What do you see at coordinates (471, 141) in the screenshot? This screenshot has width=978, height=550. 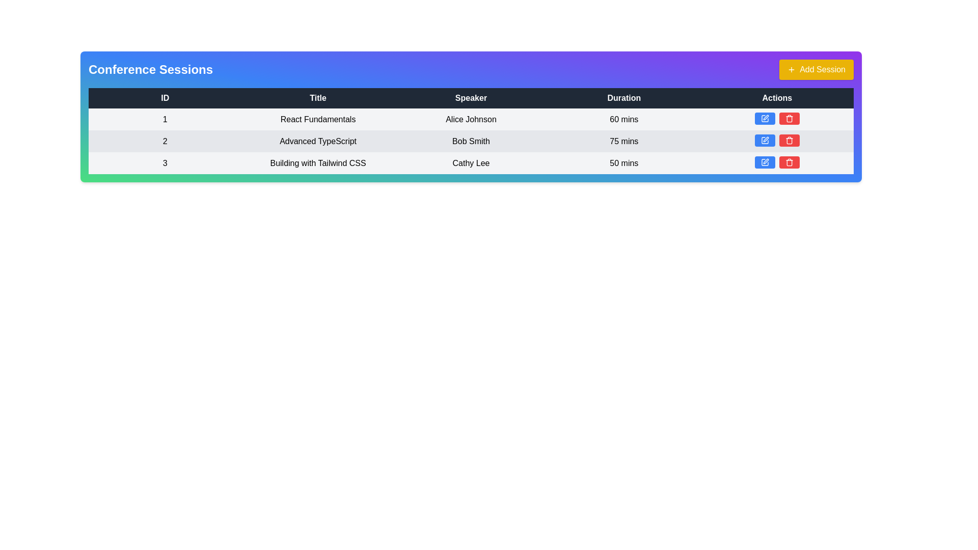 I see `text content of the label displaying 'Bob Smith', which is located in the third column of the second row under the 'Speaker' header in the 'Conference Sessions' table` at bounding box center [471, 141].